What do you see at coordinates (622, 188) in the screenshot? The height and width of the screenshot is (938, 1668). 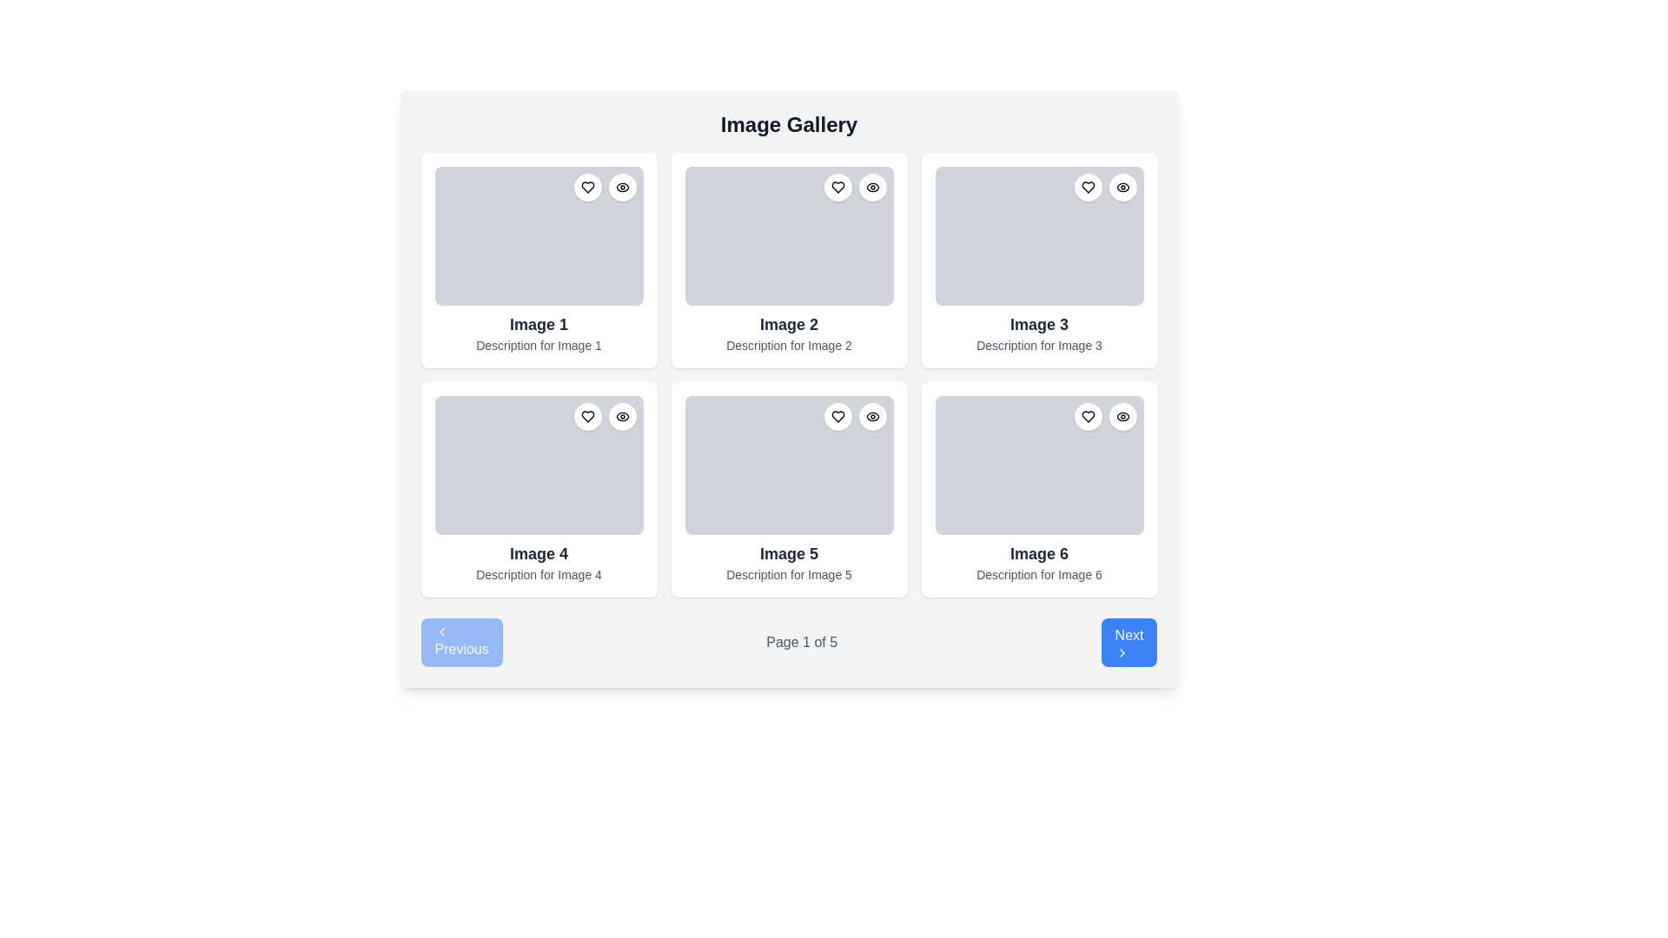 I see `the visibility or preview icon located in the top-right corner of the 'Image 1' card in the image gallery` at bounding box center [622, 188].